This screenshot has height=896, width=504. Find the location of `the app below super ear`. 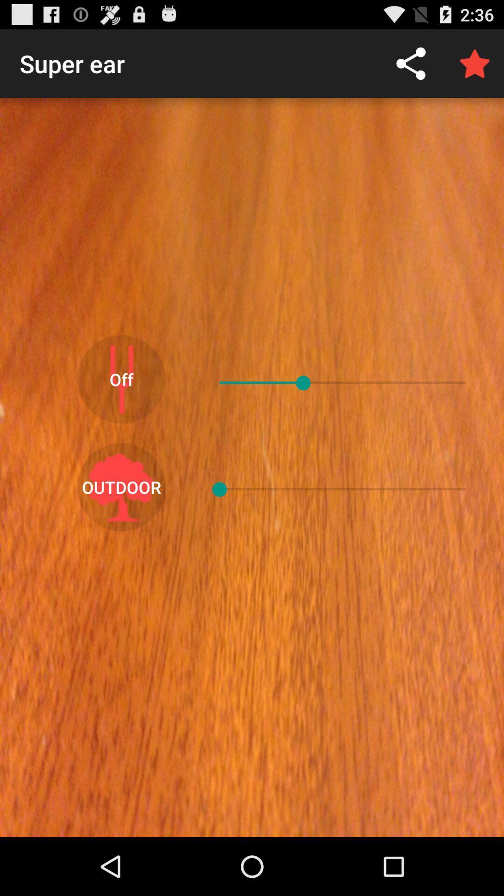

the app below super ear is located at coordinates (121, 379).